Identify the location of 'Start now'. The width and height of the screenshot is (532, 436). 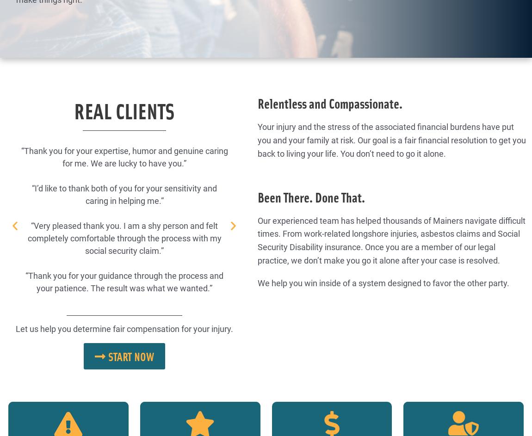
(107, 356).